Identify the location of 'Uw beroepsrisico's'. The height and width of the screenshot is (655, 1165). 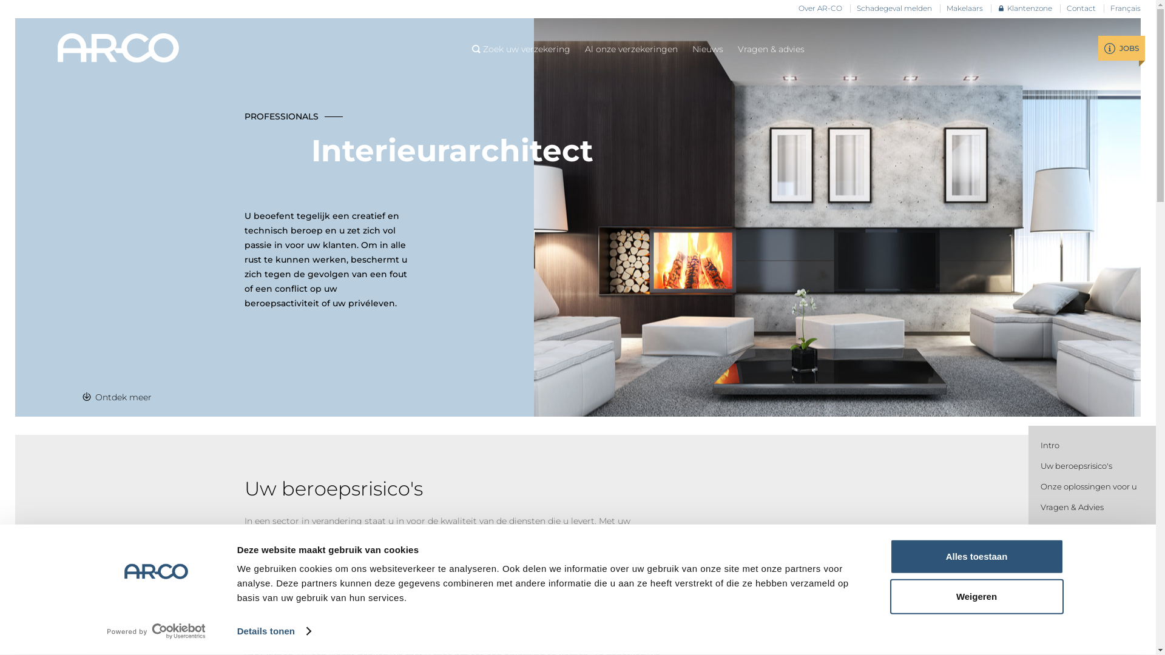
(1076, 465).